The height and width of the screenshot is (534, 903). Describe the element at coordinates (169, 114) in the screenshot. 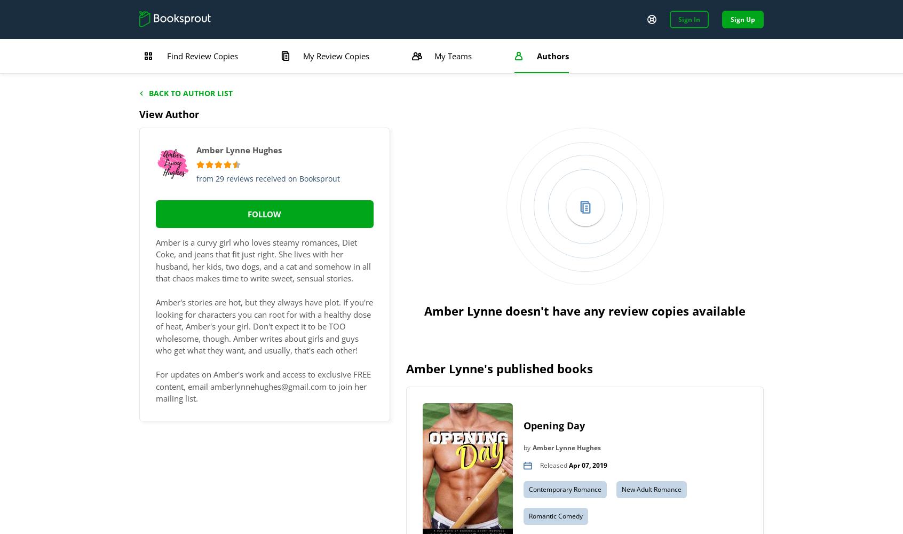

I see `'View Author'` at that location.